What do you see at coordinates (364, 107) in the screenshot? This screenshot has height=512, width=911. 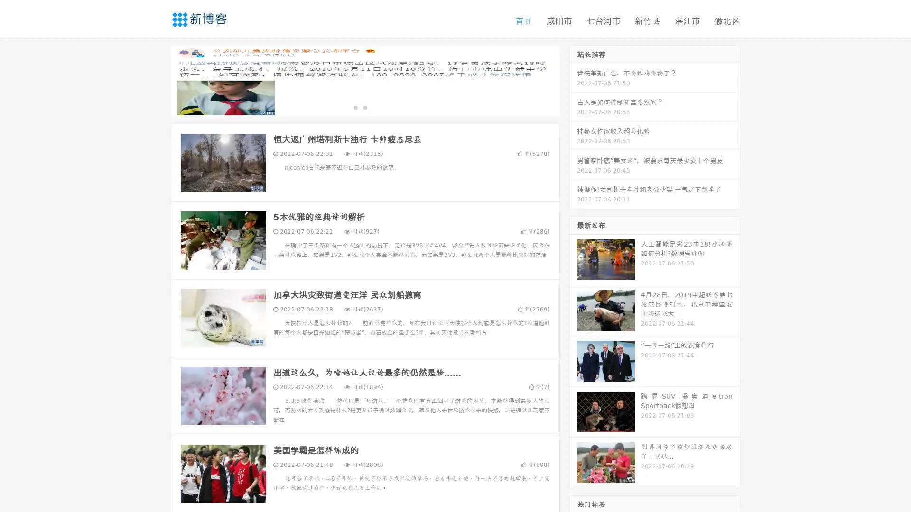 I see `Go to slide 2` at bounding box center [364, 107].